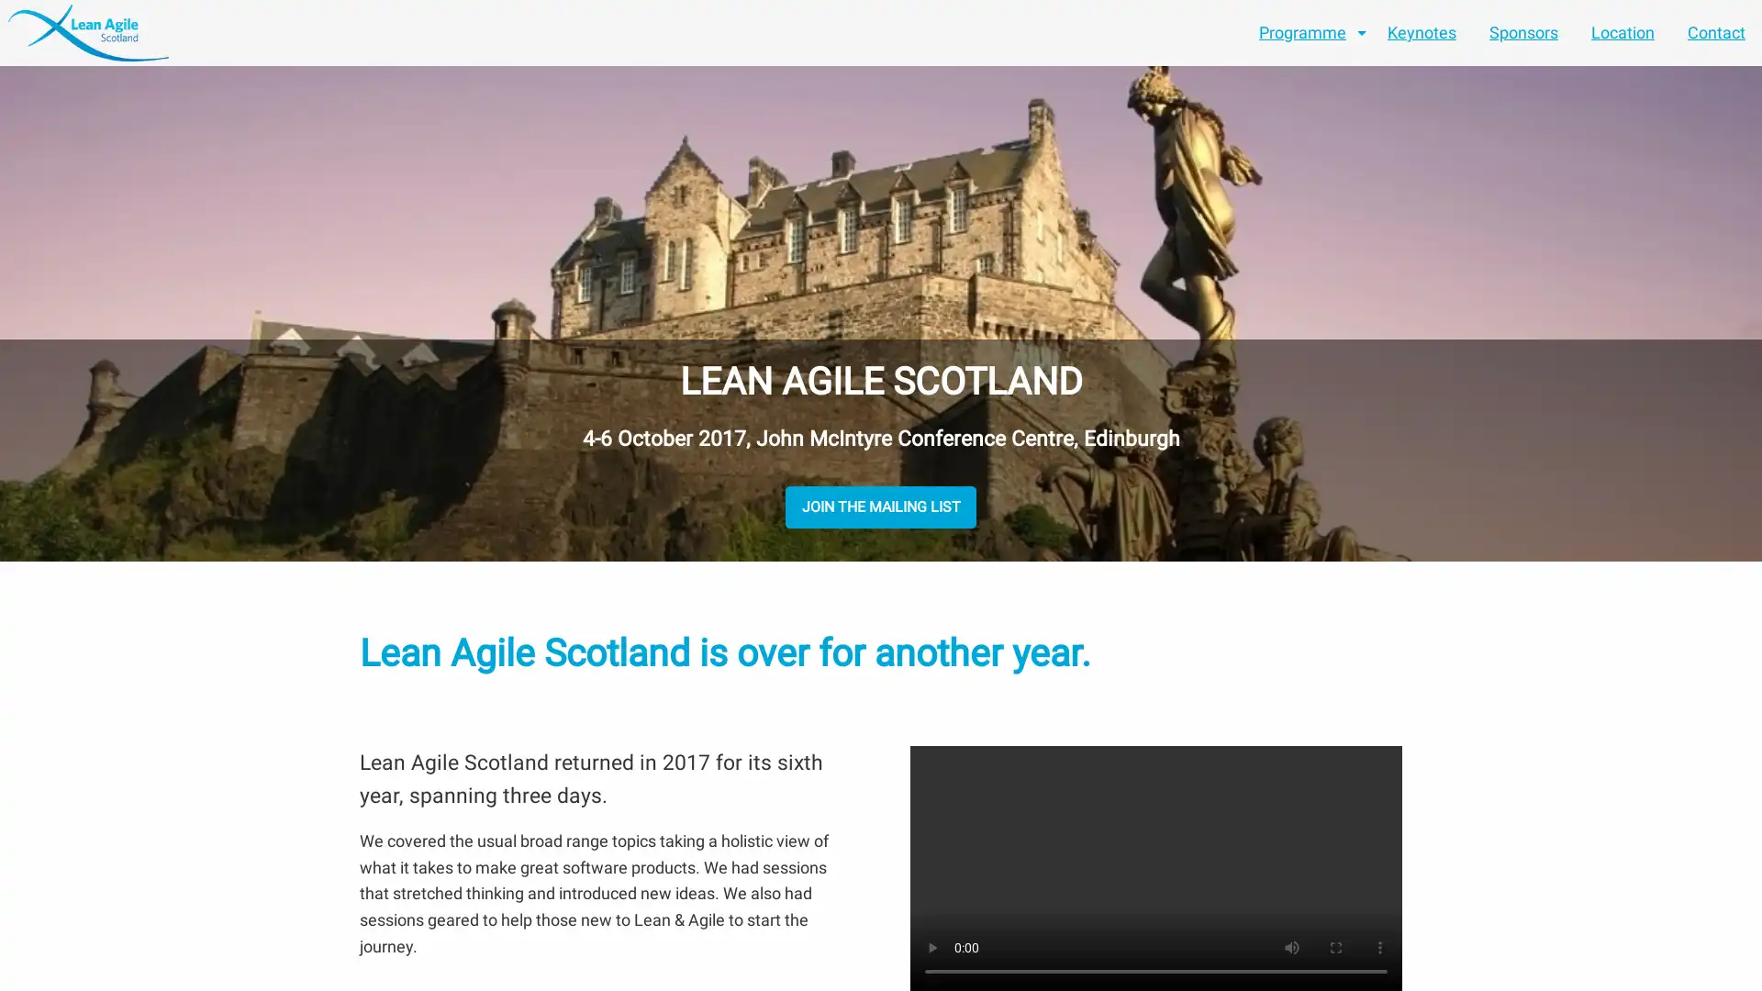 Image resolution: width=1762 pixels, height=991 pixels. Describe the element at coordinates (932, 947) in the screenshot. I see `play` at that location.